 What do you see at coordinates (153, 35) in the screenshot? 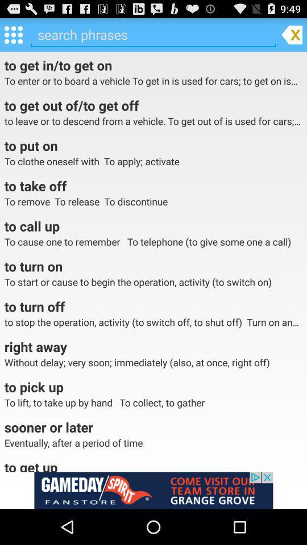
I see `search phrase` at bounding box center [153, 35].